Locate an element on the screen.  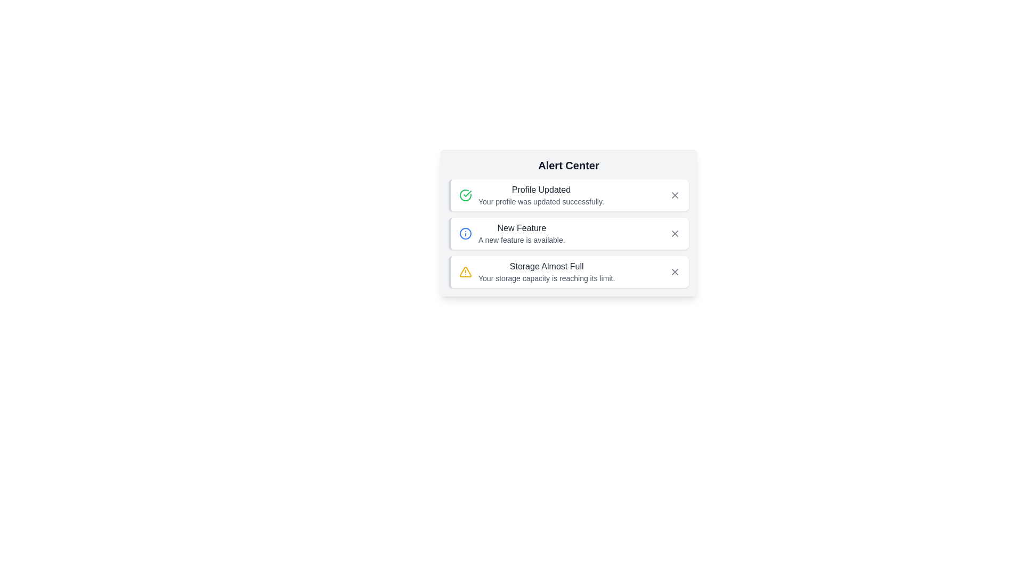
the outer circular outline of the SVG icon representing the status check for the 'Profile Updated' alert in the 'Alert Center' panel is located at coordinates (465, 195).